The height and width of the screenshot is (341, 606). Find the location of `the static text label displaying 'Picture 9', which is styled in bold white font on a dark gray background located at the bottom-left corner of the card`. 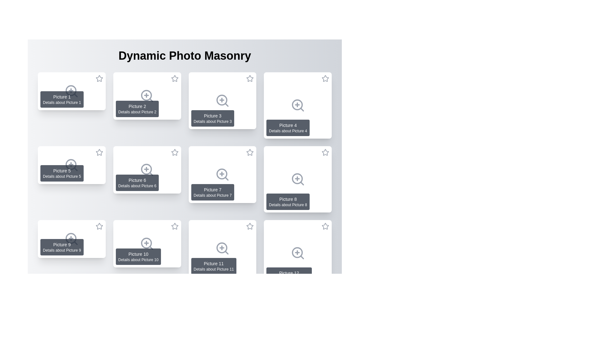

the static text label displaying 'Picture 9', which is styled in bold white font on a dark gray background located at the bottom-left corner of the card is located at coordinates (62, 244).